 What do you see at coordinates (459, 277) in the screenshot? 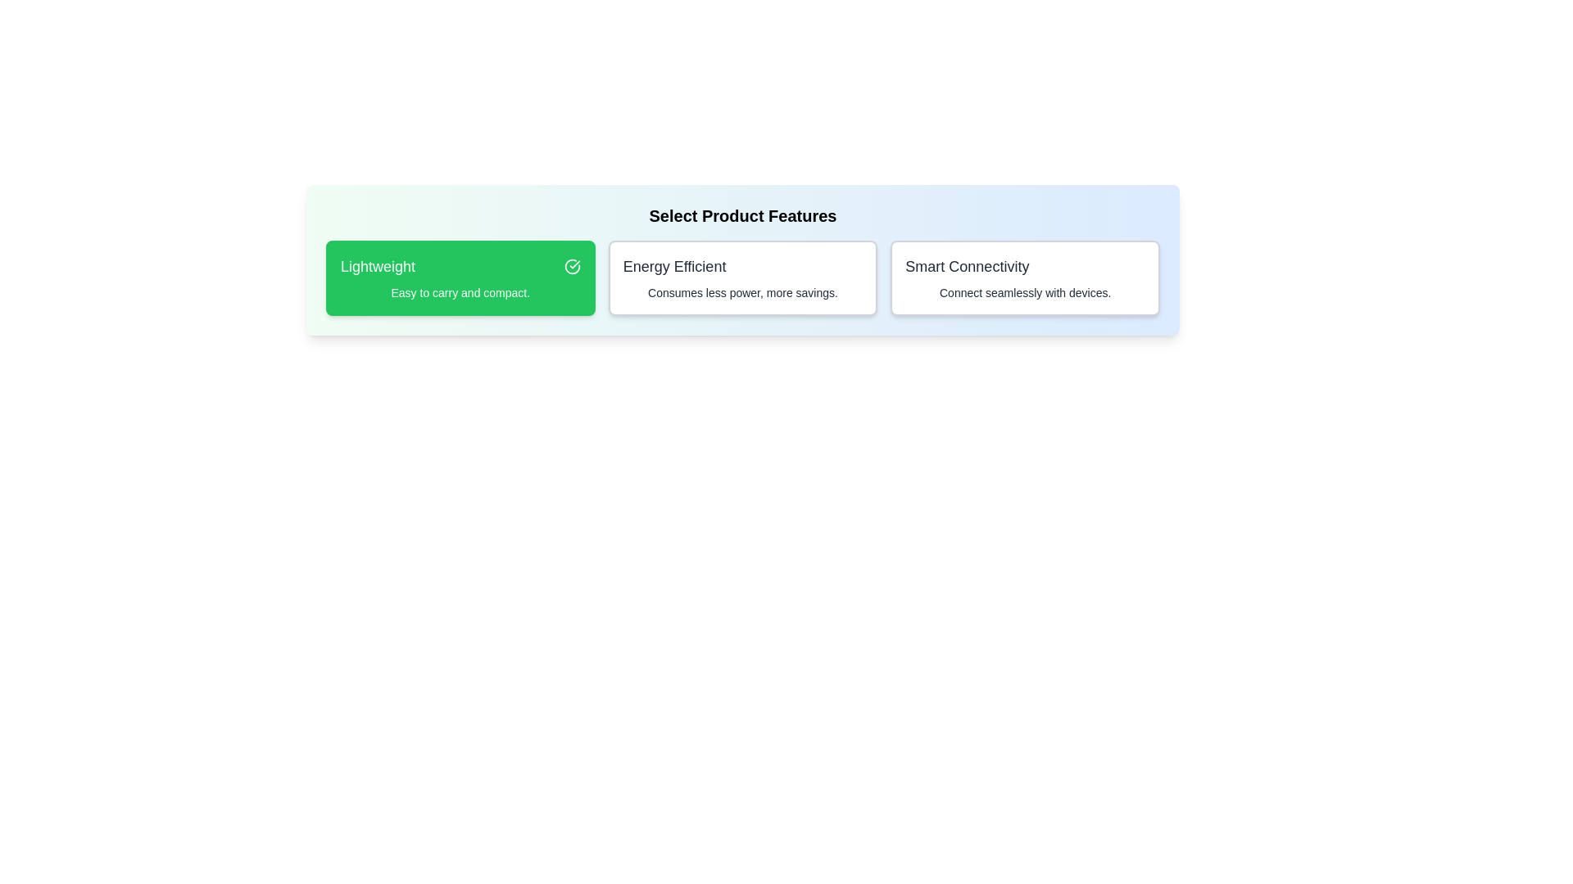
I see `the feature Lightweight by clicking on its card` at bounding box center [459, 277].